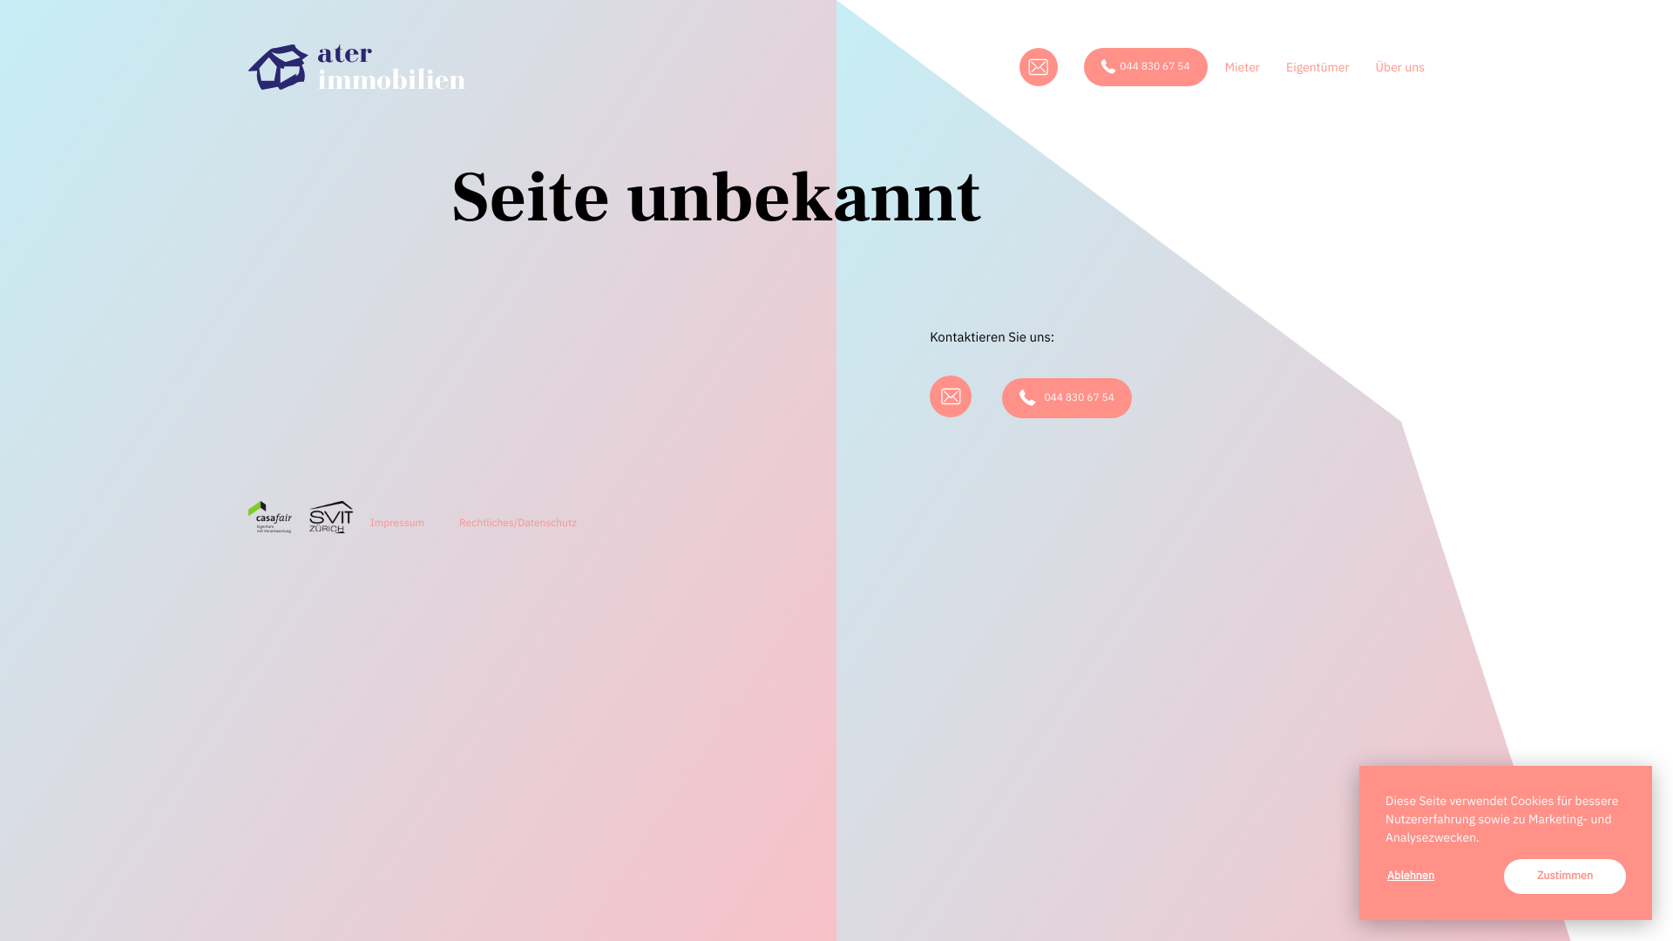  I want to click on 'Rechtliches/Datenschutz', so click(517, 516).